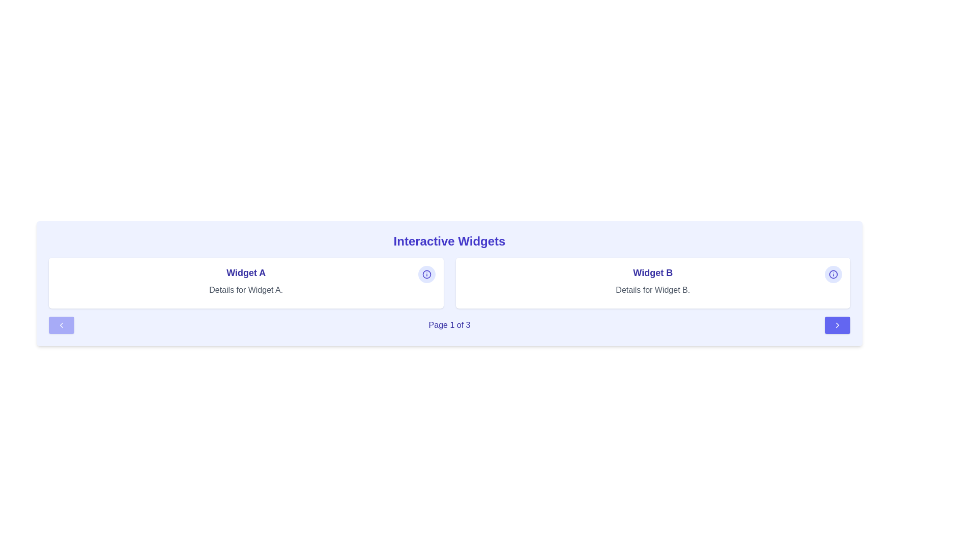 Image resolution: width=977 pixels, height=549 pixels. Describe the element at coordinates (246, 290) in the screenshot. I see `the static text label reading 'Details for Widget A.' to engage with the interface for surrounding components` at that location.